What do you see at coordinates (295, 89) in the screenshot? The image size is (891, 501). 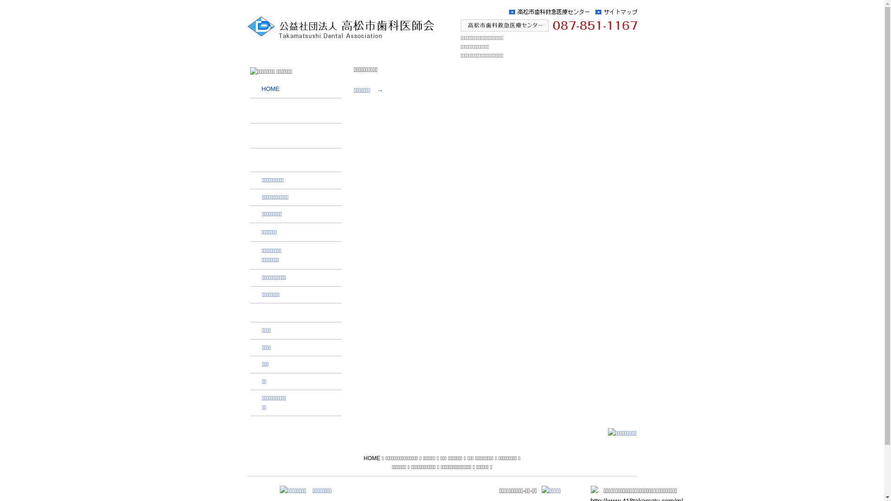 I see `'HOME'` at bounding box center [295, 89].